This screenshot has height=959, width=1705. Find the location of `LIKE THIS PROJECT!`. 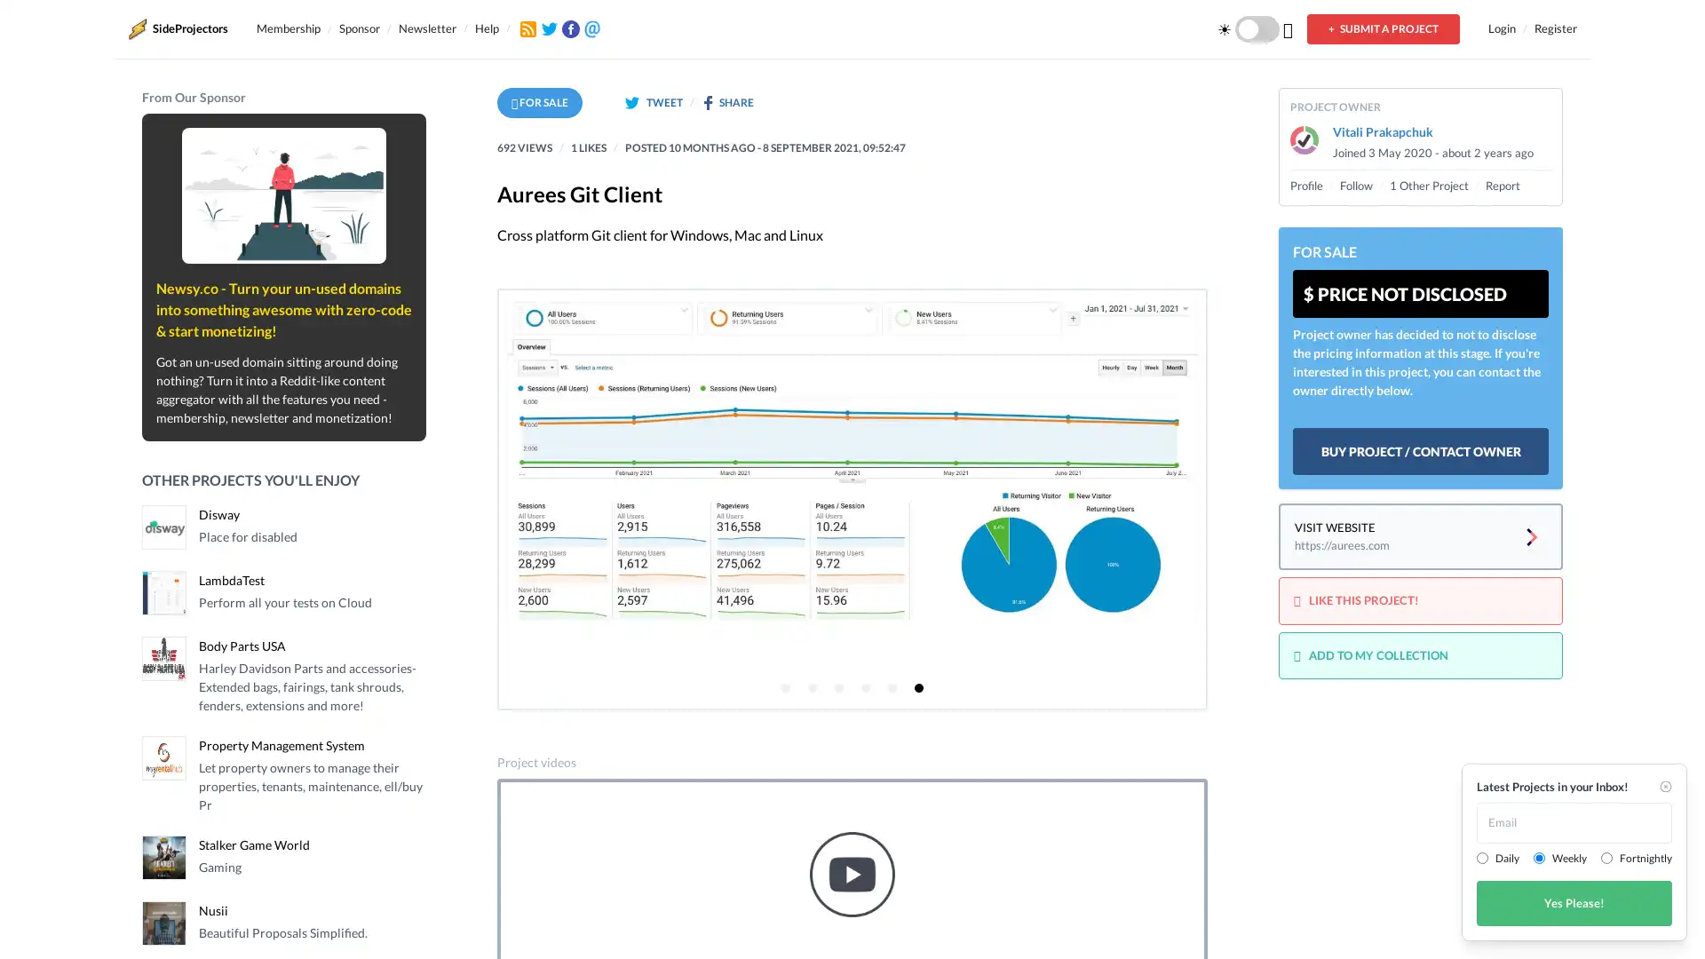

LIKE THIS PROJECT! is located at coordinates (1419, 599).